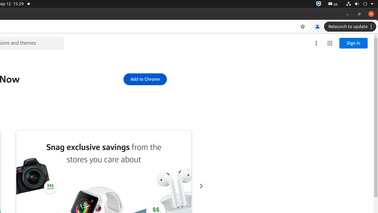 This screenshot has width=378, height=213. I want to click on 'You', so click(317, 27).